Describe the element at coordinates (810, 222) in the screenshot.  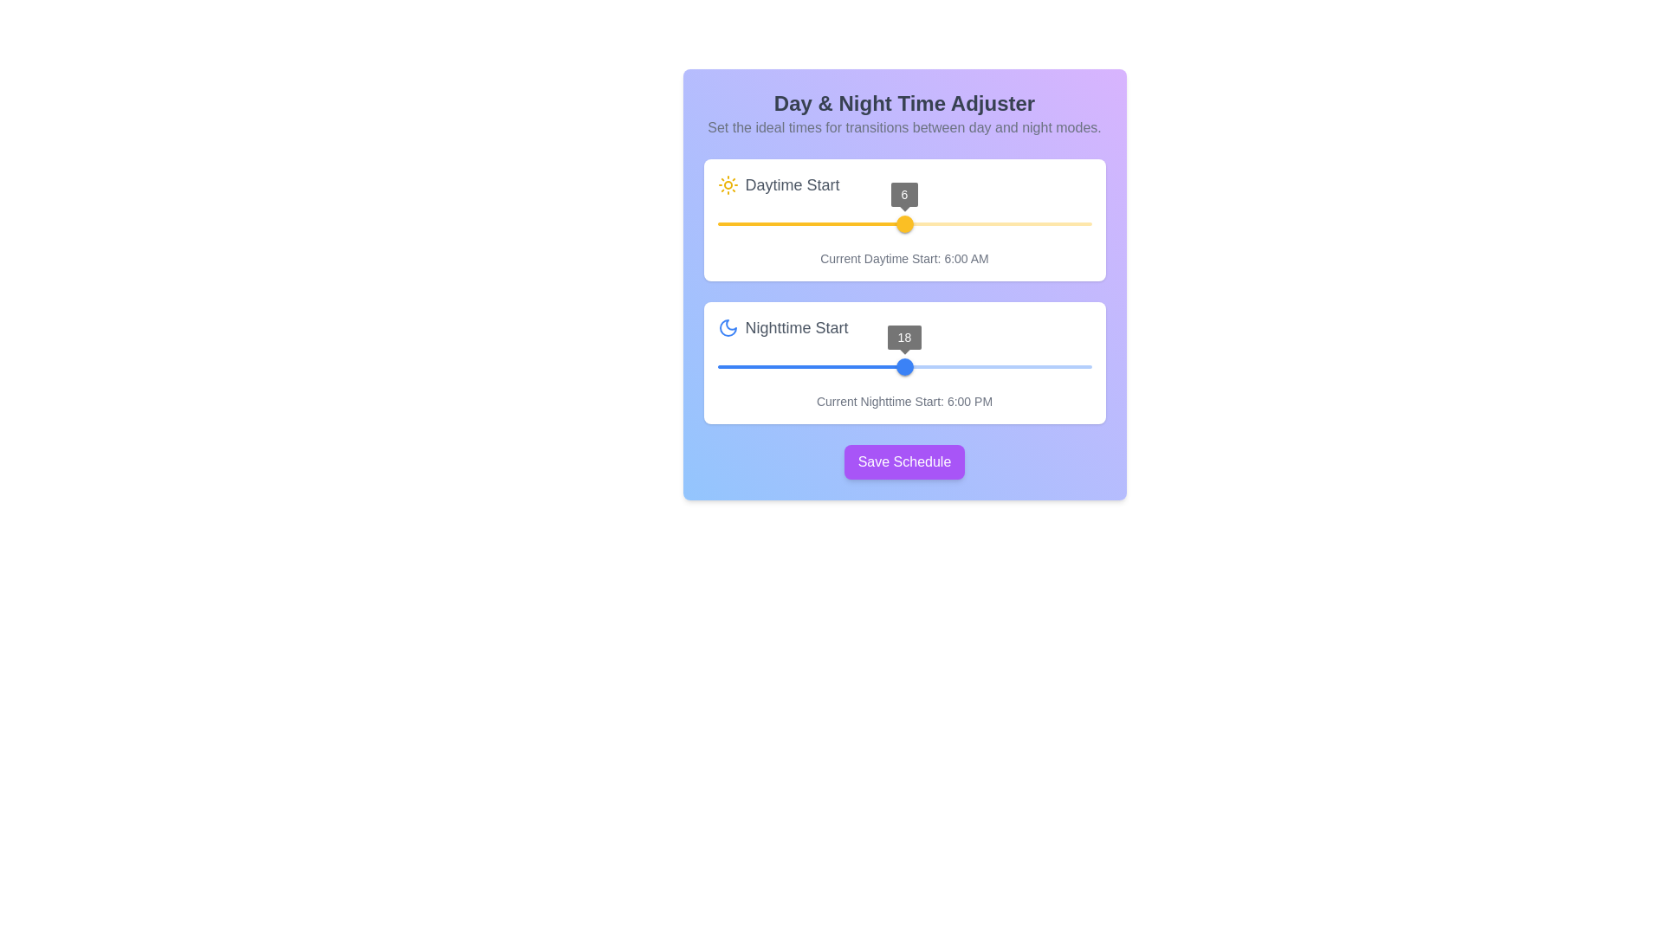
I see `the daytime start` at that location.